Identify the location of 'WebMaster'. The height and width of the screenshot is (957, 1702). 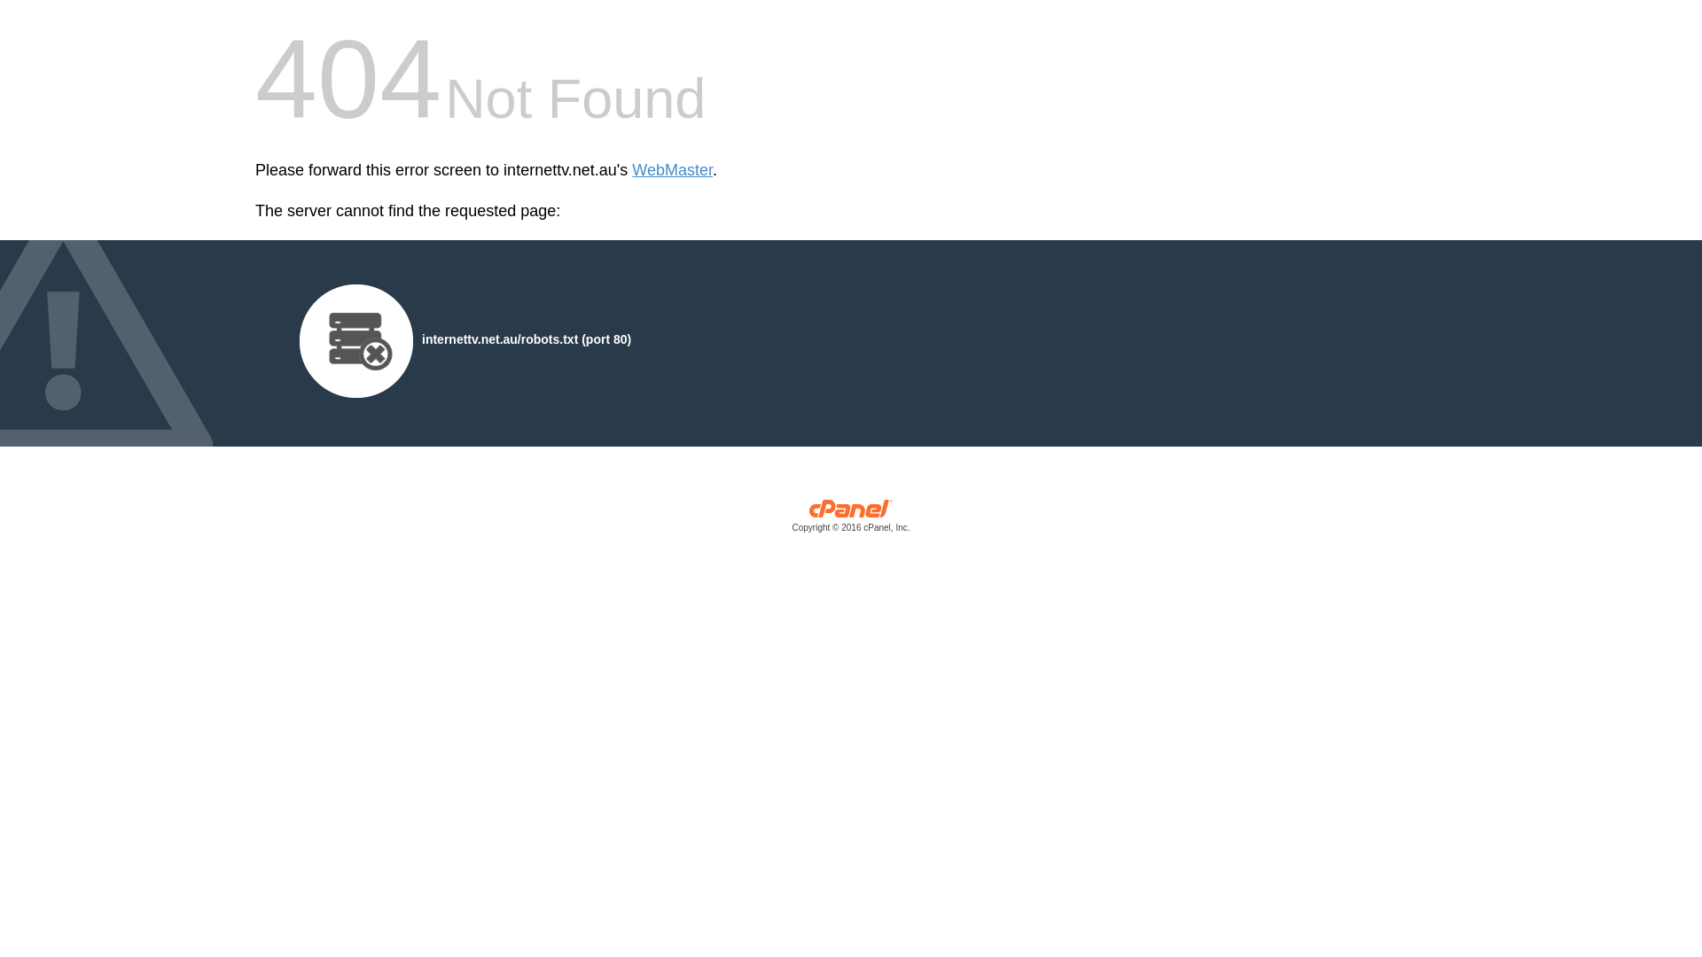
(671, 170).